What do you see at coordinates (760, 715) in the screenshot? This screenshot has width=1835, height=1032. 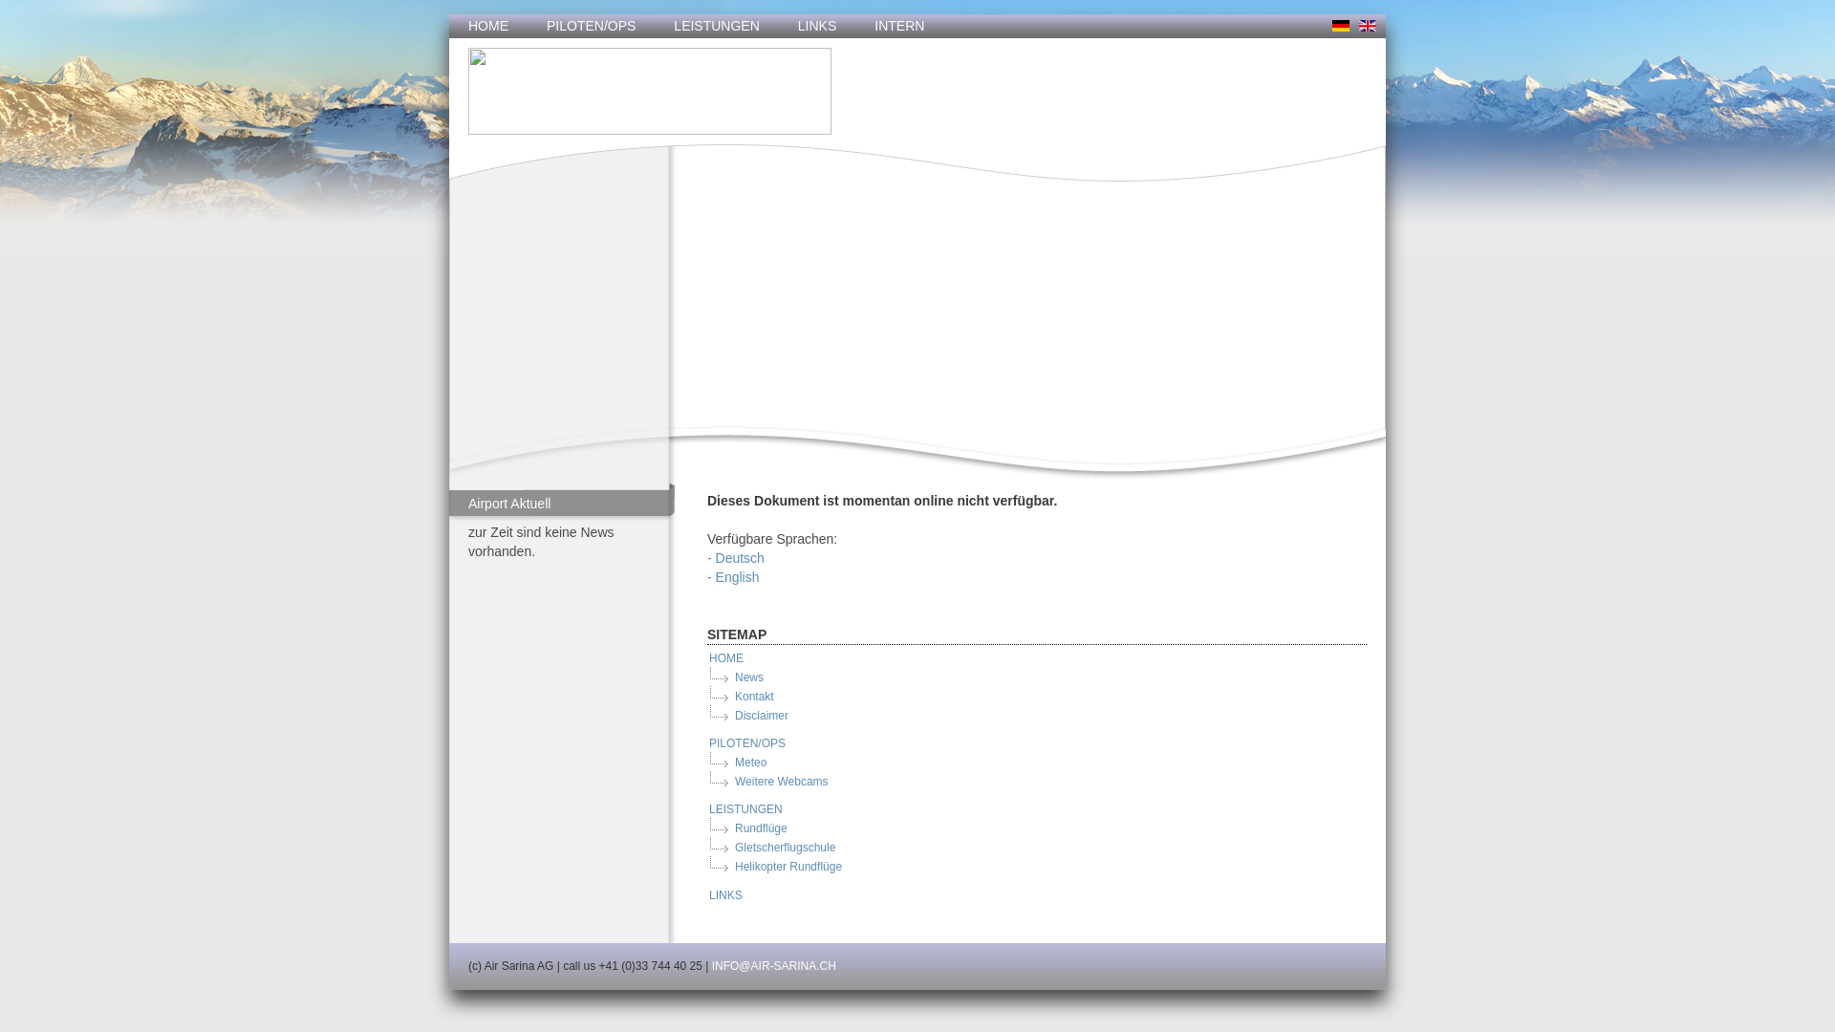 I see `'Disclaimer'` at bounding box center [760, 715].